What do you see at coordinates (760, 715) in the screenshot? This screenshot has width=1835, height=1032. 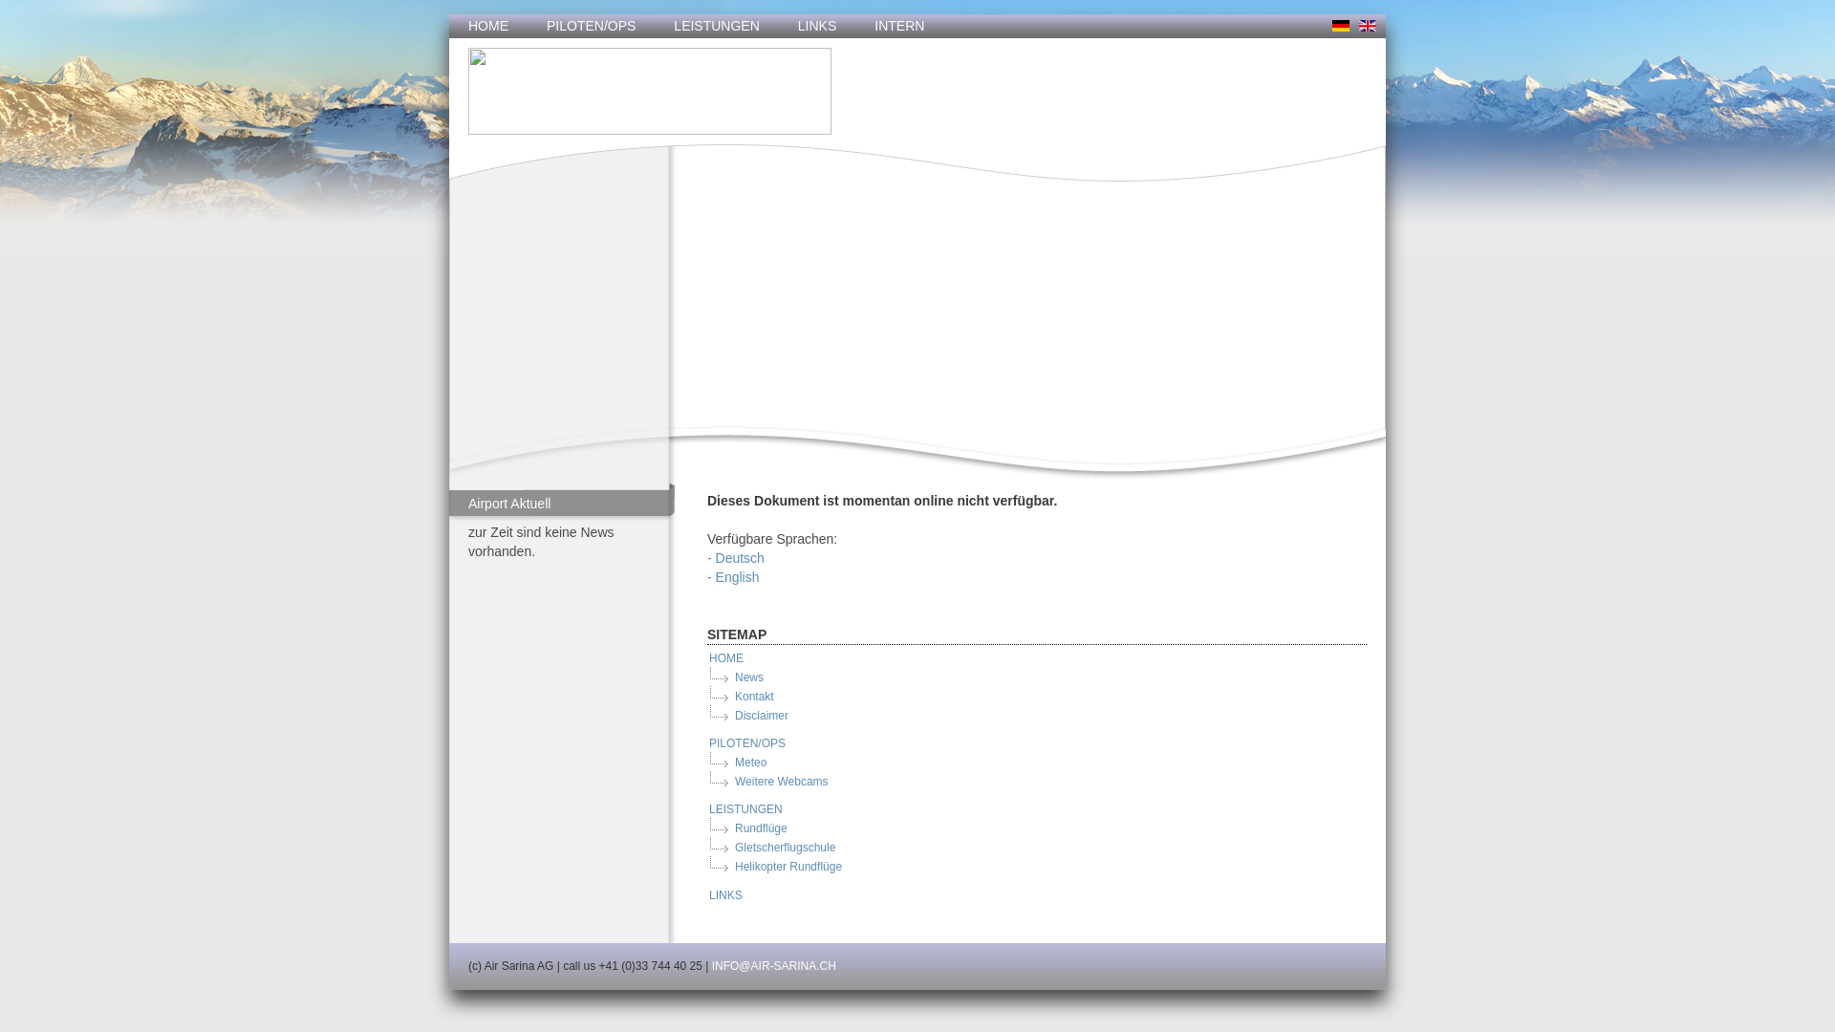 I see `'Disclaimer'` at bounding box center [760, 715].